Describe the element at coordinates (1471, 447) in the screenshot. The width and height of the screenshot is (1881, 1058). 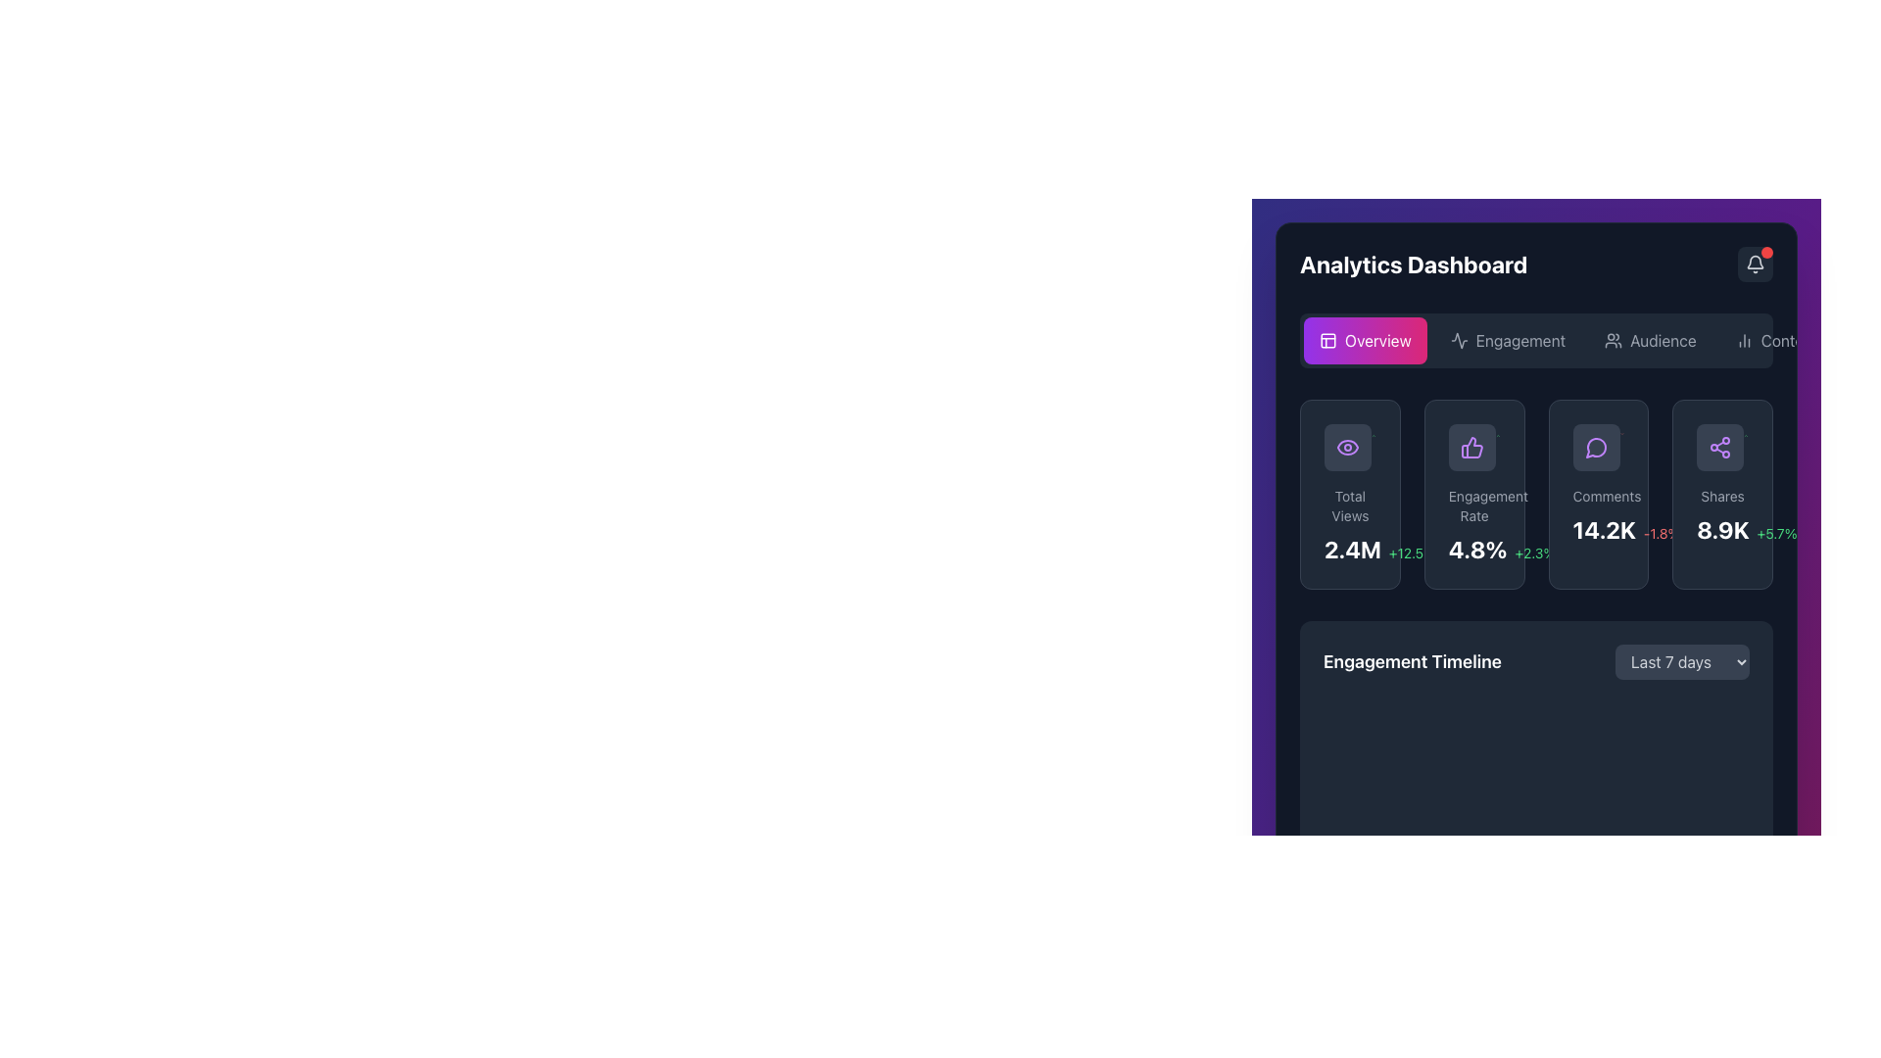
I see `the positive affirmation icon located in the upper section of the dashboard, to the right of the 'Comments' area and to the left of the 'Shares' area` at that location.